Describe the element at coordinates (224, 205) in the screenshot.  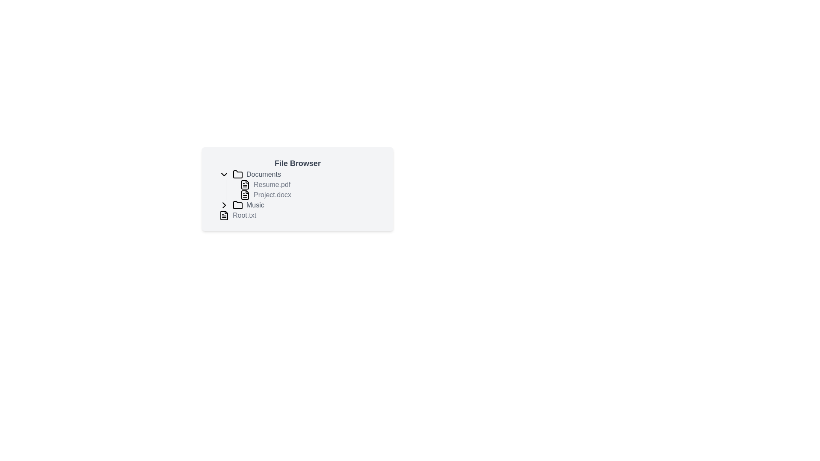
I see `the Chevron button located to the left of the 'Music' text in the file browser` at that location.